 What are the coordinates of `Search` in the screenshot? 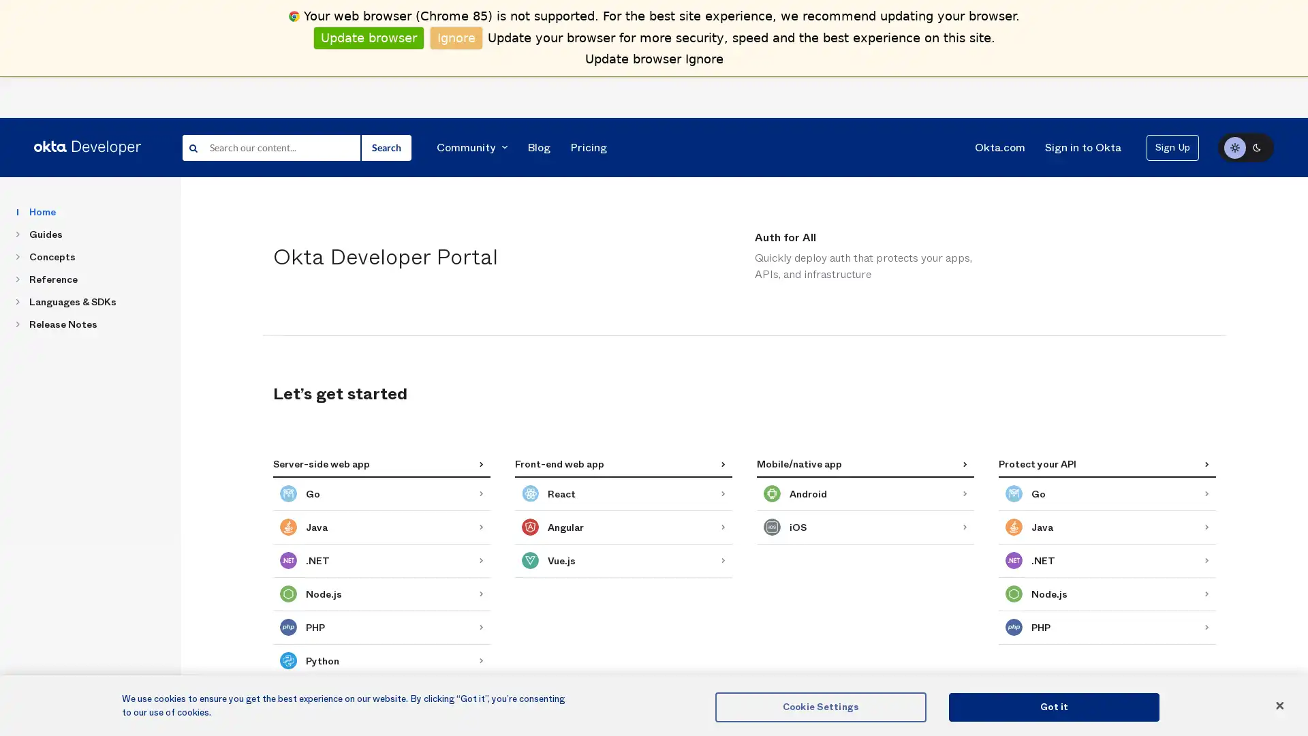 It's located at (385, 147).